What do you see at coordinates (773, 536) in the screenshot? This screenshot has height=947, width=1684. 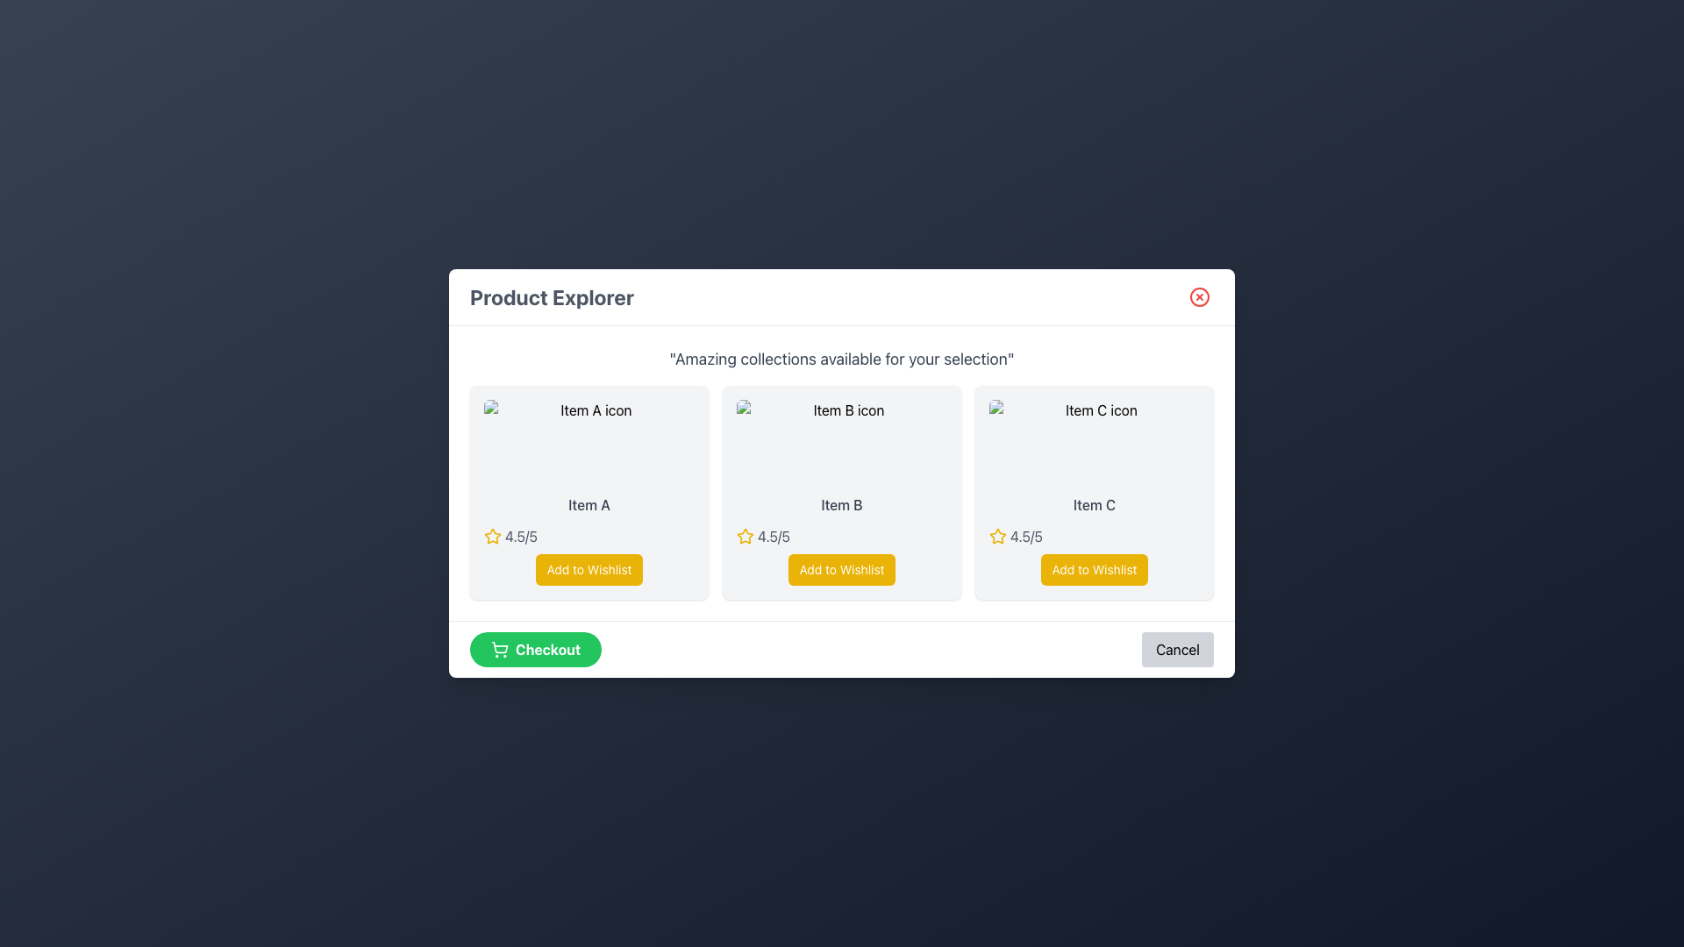 I see `displayed rating from the Rating Display Text showing '4.5/5' in light gray font, located below the 'Item B' icon and adjacent to a yellow star icon` at bounding box center [773, 536].